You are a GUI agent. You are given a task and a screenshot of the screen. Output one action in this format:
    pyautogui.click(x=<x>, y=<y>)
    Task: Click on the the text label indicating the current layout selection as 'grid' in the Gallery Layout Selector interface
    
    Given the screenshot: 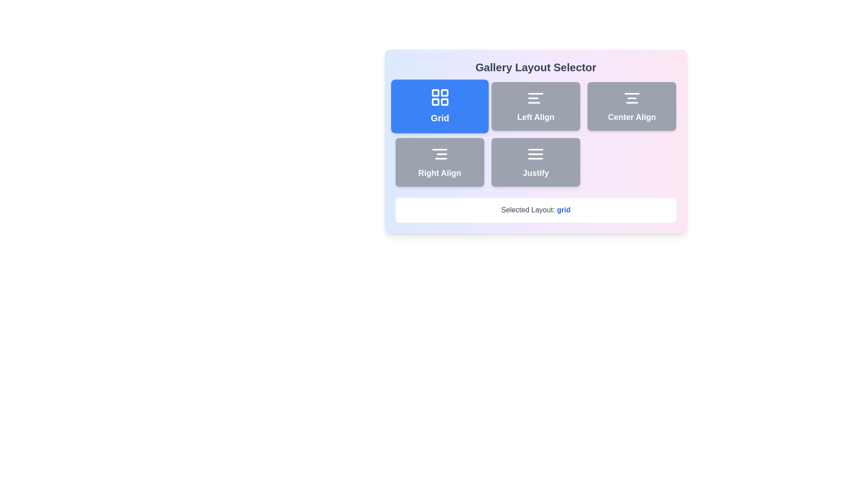 What is the action you would take?
    pyautogui.click(x=536, y=210)
    